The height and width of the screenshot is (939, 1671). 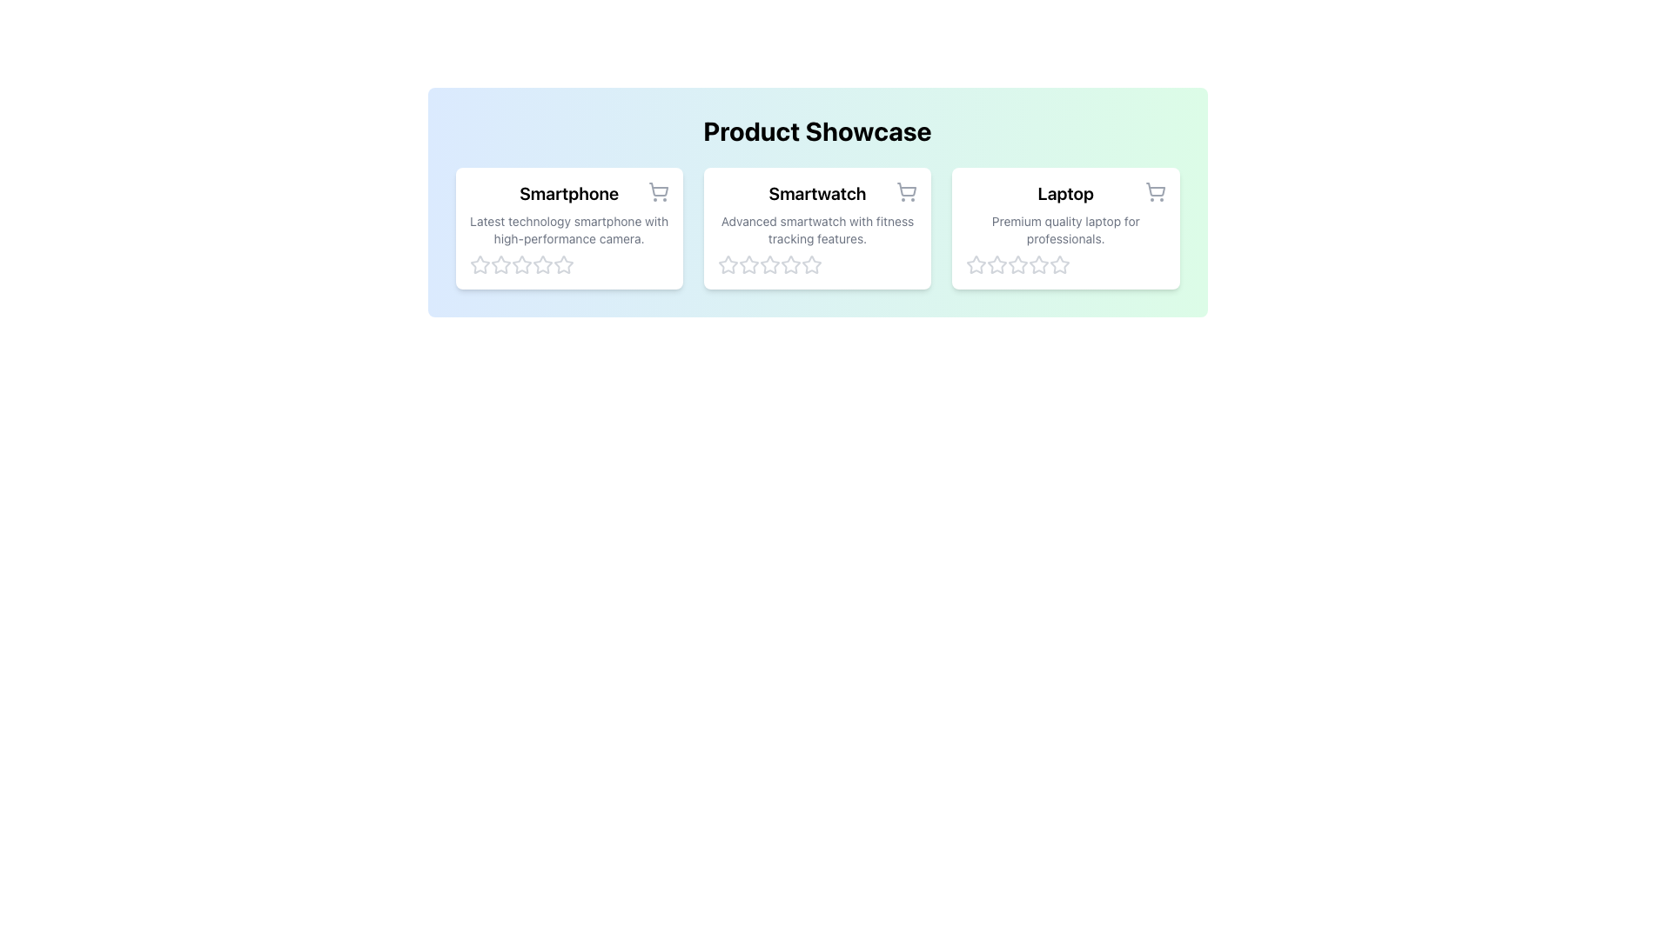 I want to click on the fourth star icon in the rating control under the 'Laptop' product card, so click(x=1018, y=264).